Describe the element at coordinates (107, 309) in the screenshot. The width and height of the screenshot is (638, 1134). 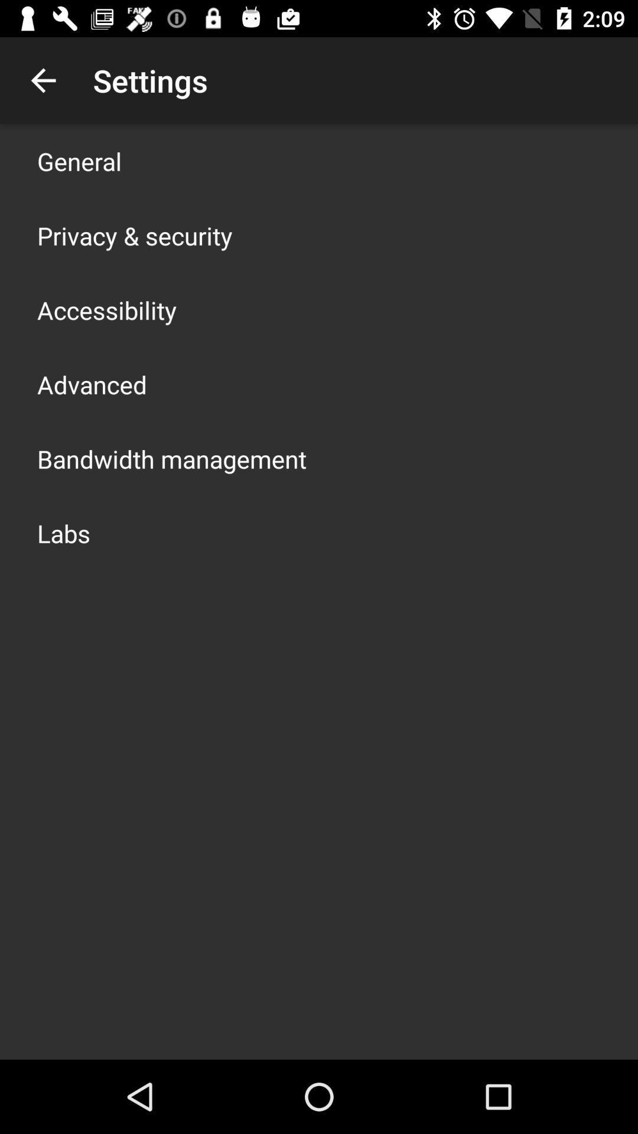
I see `the accessibility item` at that location.